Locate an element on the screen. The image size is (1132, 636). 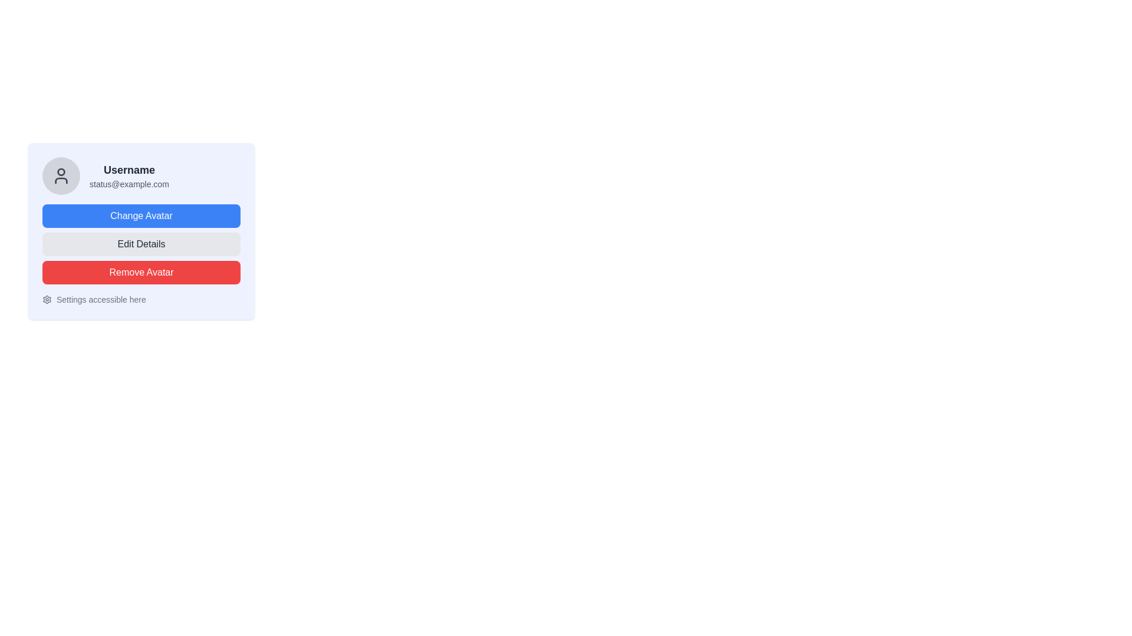
the Informational Text with Icon located at the bottom of the card, immediately below the 'Remove Avatar' button is located at coordinates (141, 299).